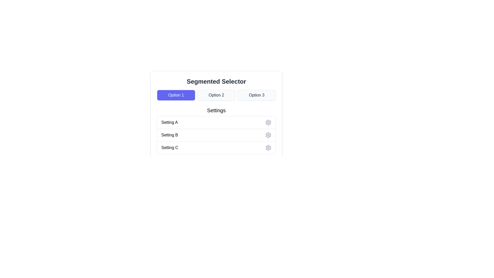 The width and height of the screenshot is (494, 278). What do you see at coordinates (216, 147) in the screenshot?
I see `the 'Setting C' list item option, which allows the user` at bounding box center [216, 147].